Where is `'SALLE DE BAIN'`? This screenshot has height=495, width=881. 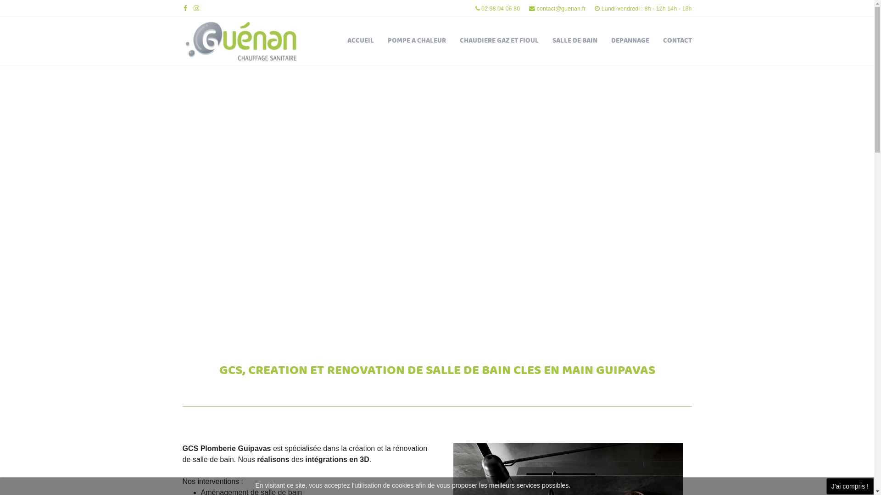
'SALLE DE BAIN' is located at coordinates (545, 40).